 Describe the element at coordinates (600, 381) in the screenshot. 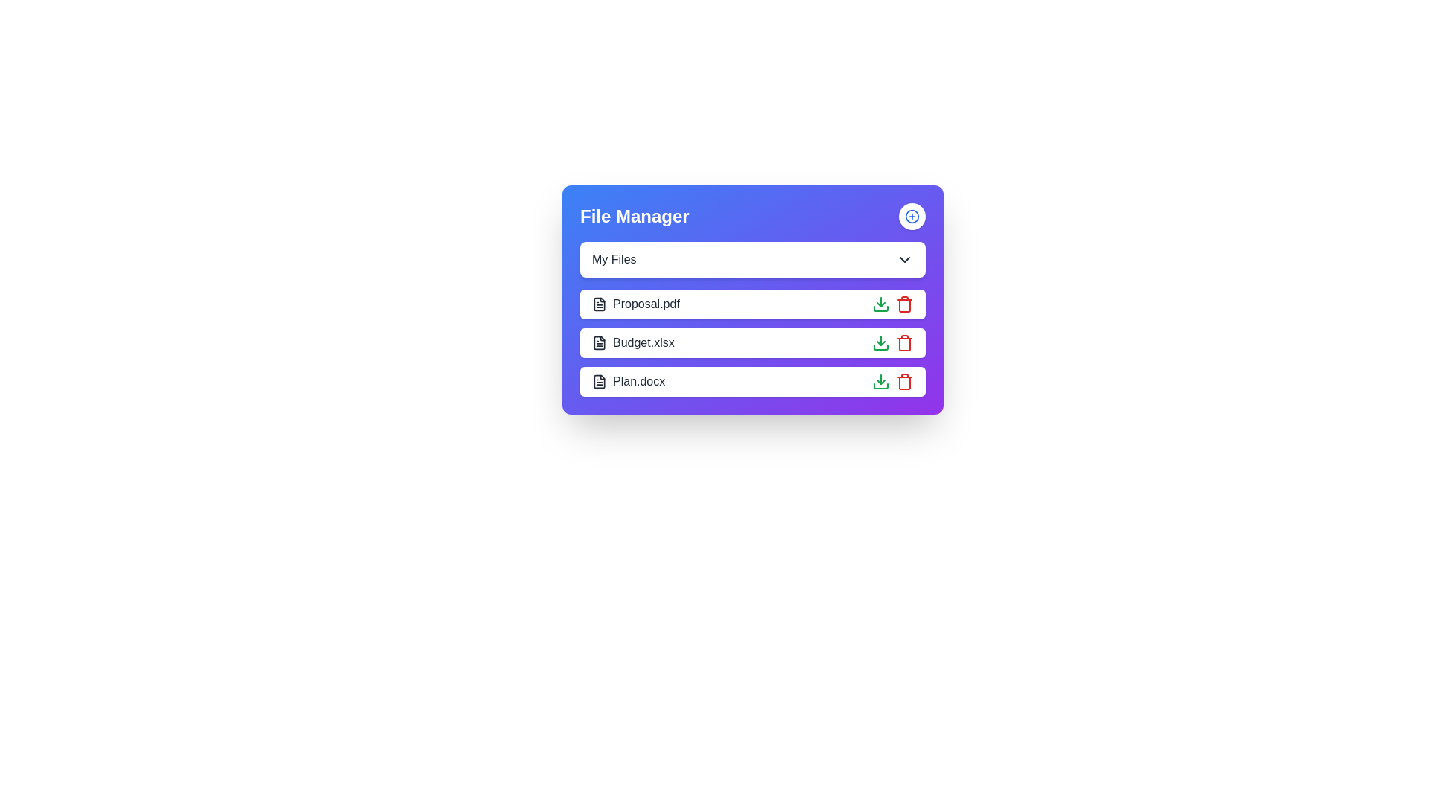

I see `the document icon representing 'Plan.docx', which is positioned at the far left of the file row and features a rectangular shape with a folded corner` at that location.